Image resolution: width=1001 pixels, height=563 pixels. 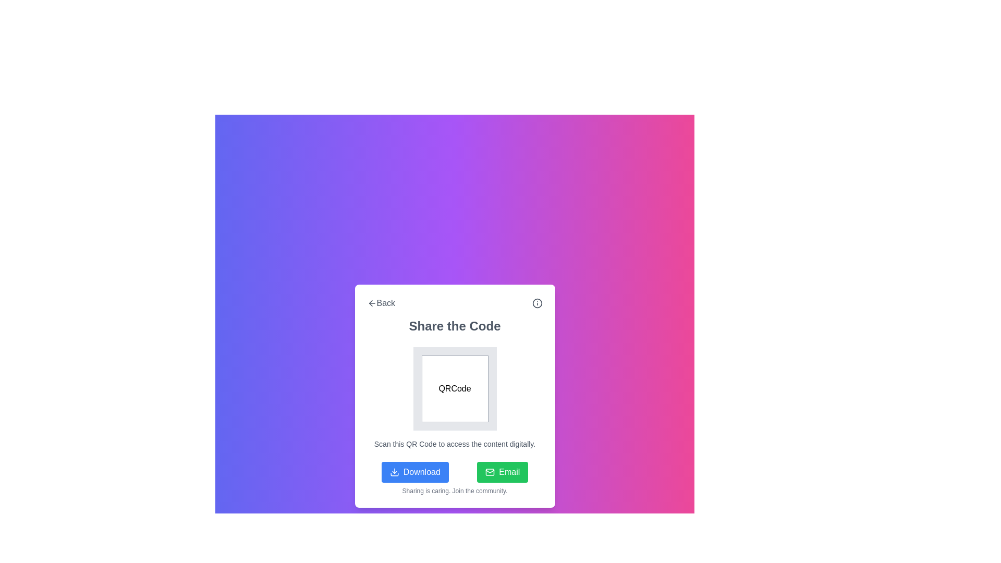 What do you see at coordinates (490, 472) in the screenshot?
I see `the light green rounded rectangle element that serves as the main body of the envelope icon in the 'Share the Code' interface` at bounding box center [490, 472].